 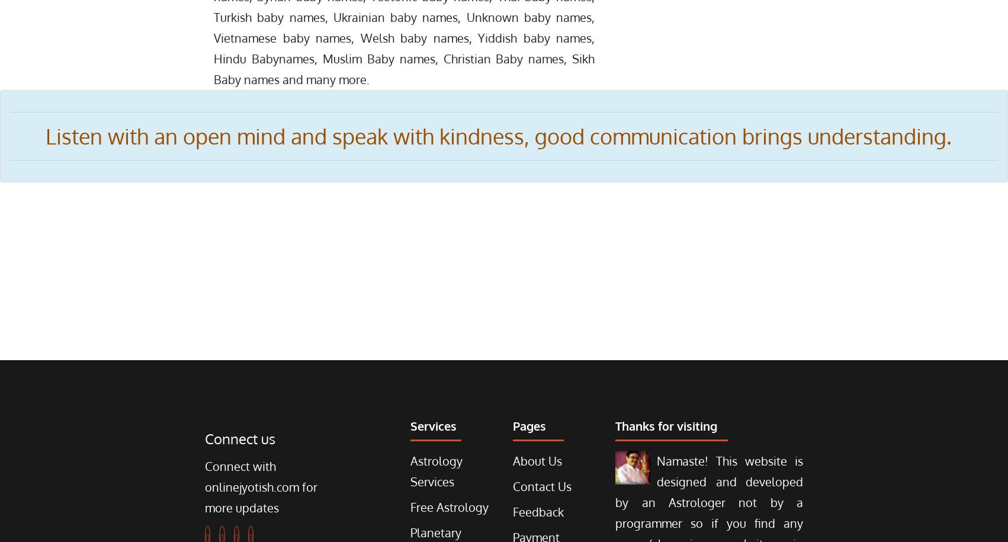 I want to click on 'About Us', so click(x=512, y=460).